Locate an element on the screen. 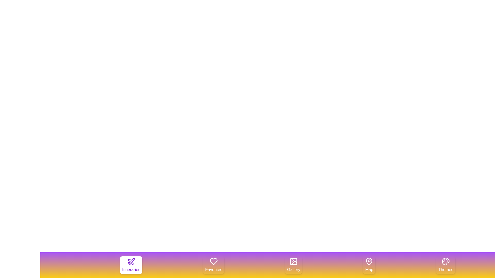  the tab labeled Themes to observe its hover effect is located at coordinates (445, 265).